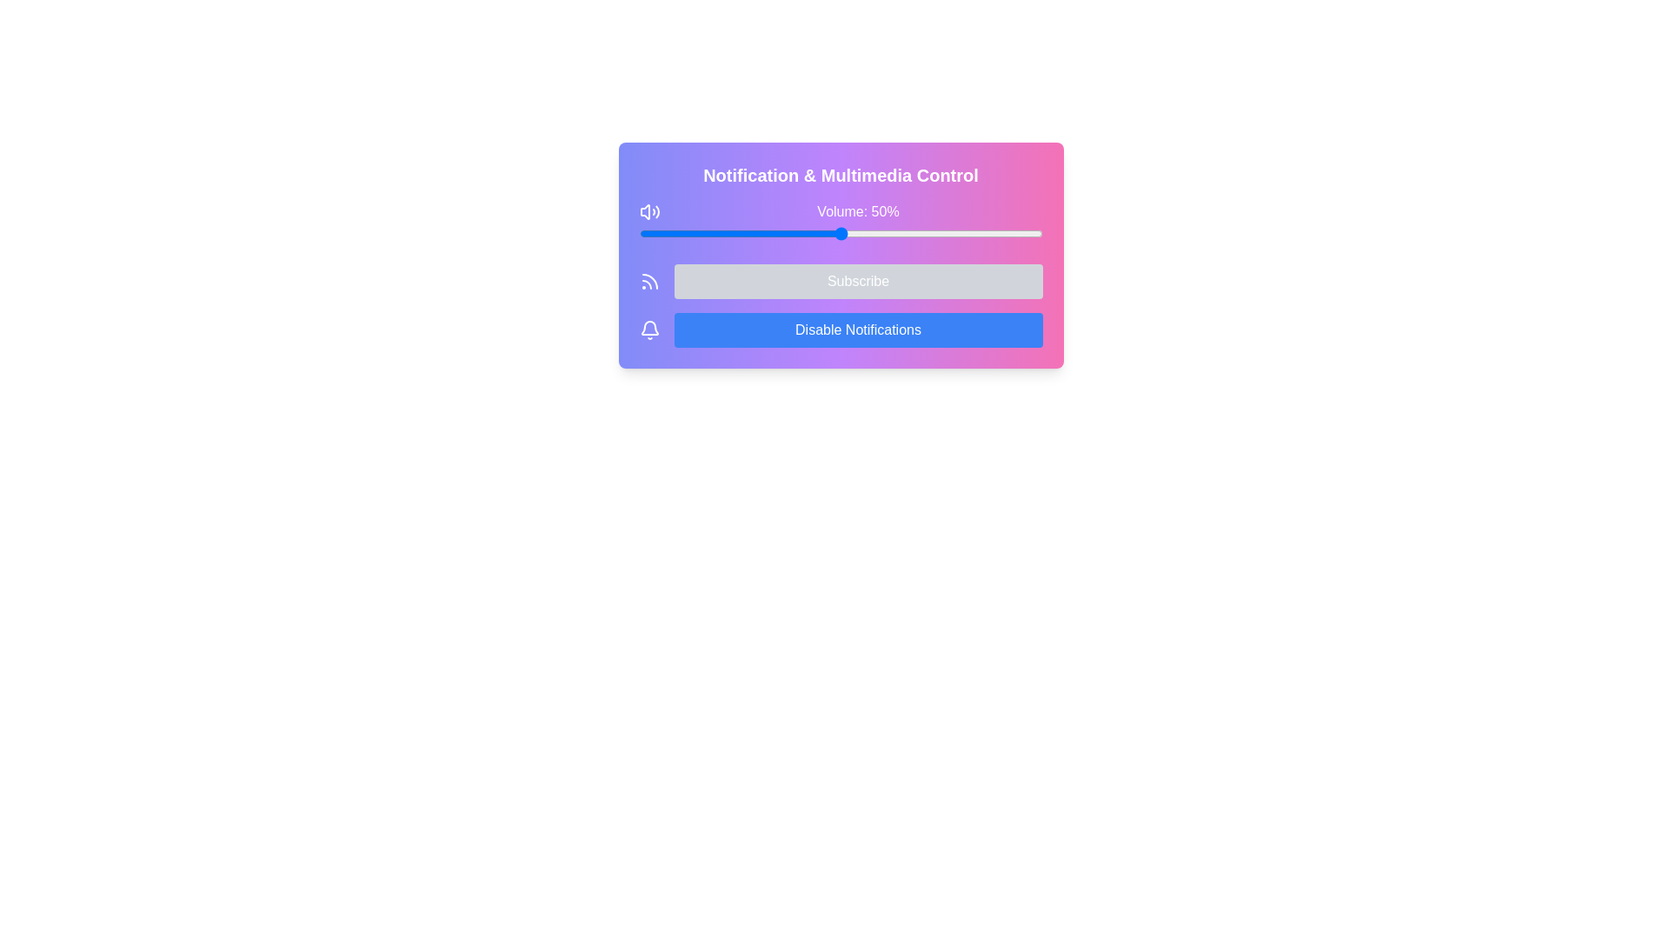 This screenshot has width=1669, height=939. I want to click on the notification bell icon, which is a simple rounded outline styled with thin lines, located in the upper left corner of the main card, so click(648, 328).